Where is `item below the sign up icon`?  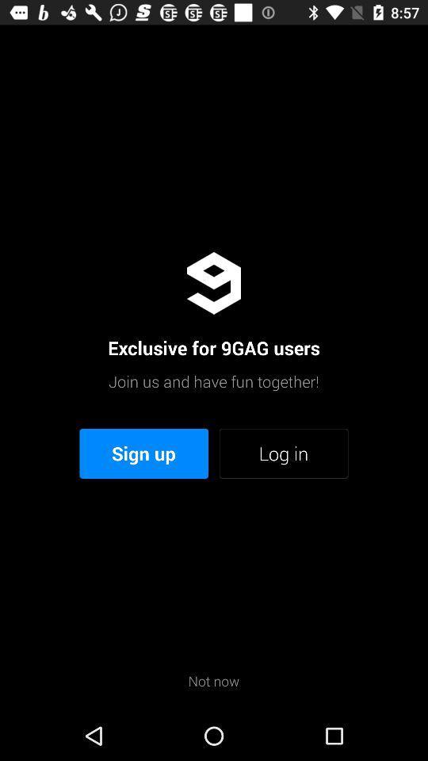
item below the sign up icon is located at coordinates (214, 680).